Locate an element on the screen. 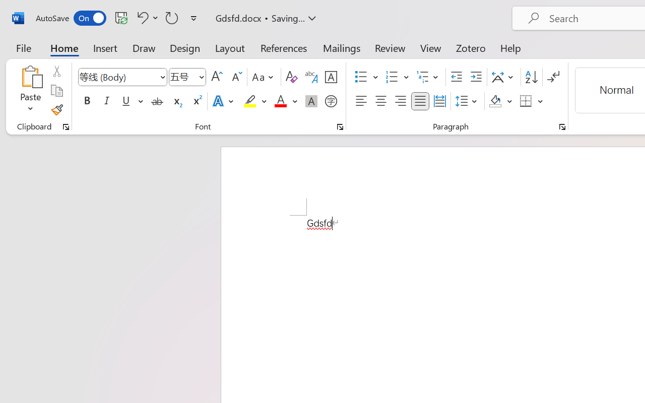  'Subscript' is located at coordinates (176, 101).